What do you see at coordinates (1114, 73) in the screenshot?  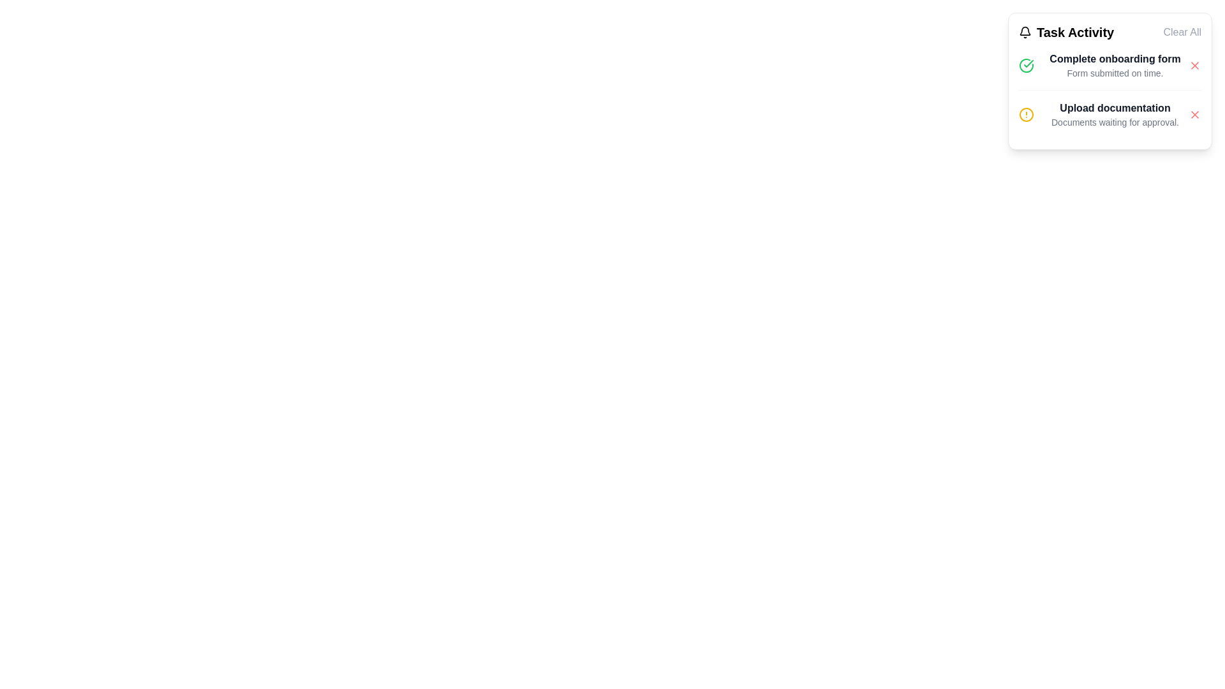 I see `the Text Element that provides contextual information about task completion status, located under the 'Complete onboarding form' heading in the 'Task Activity' panel` at bounding box center [1114, 73].